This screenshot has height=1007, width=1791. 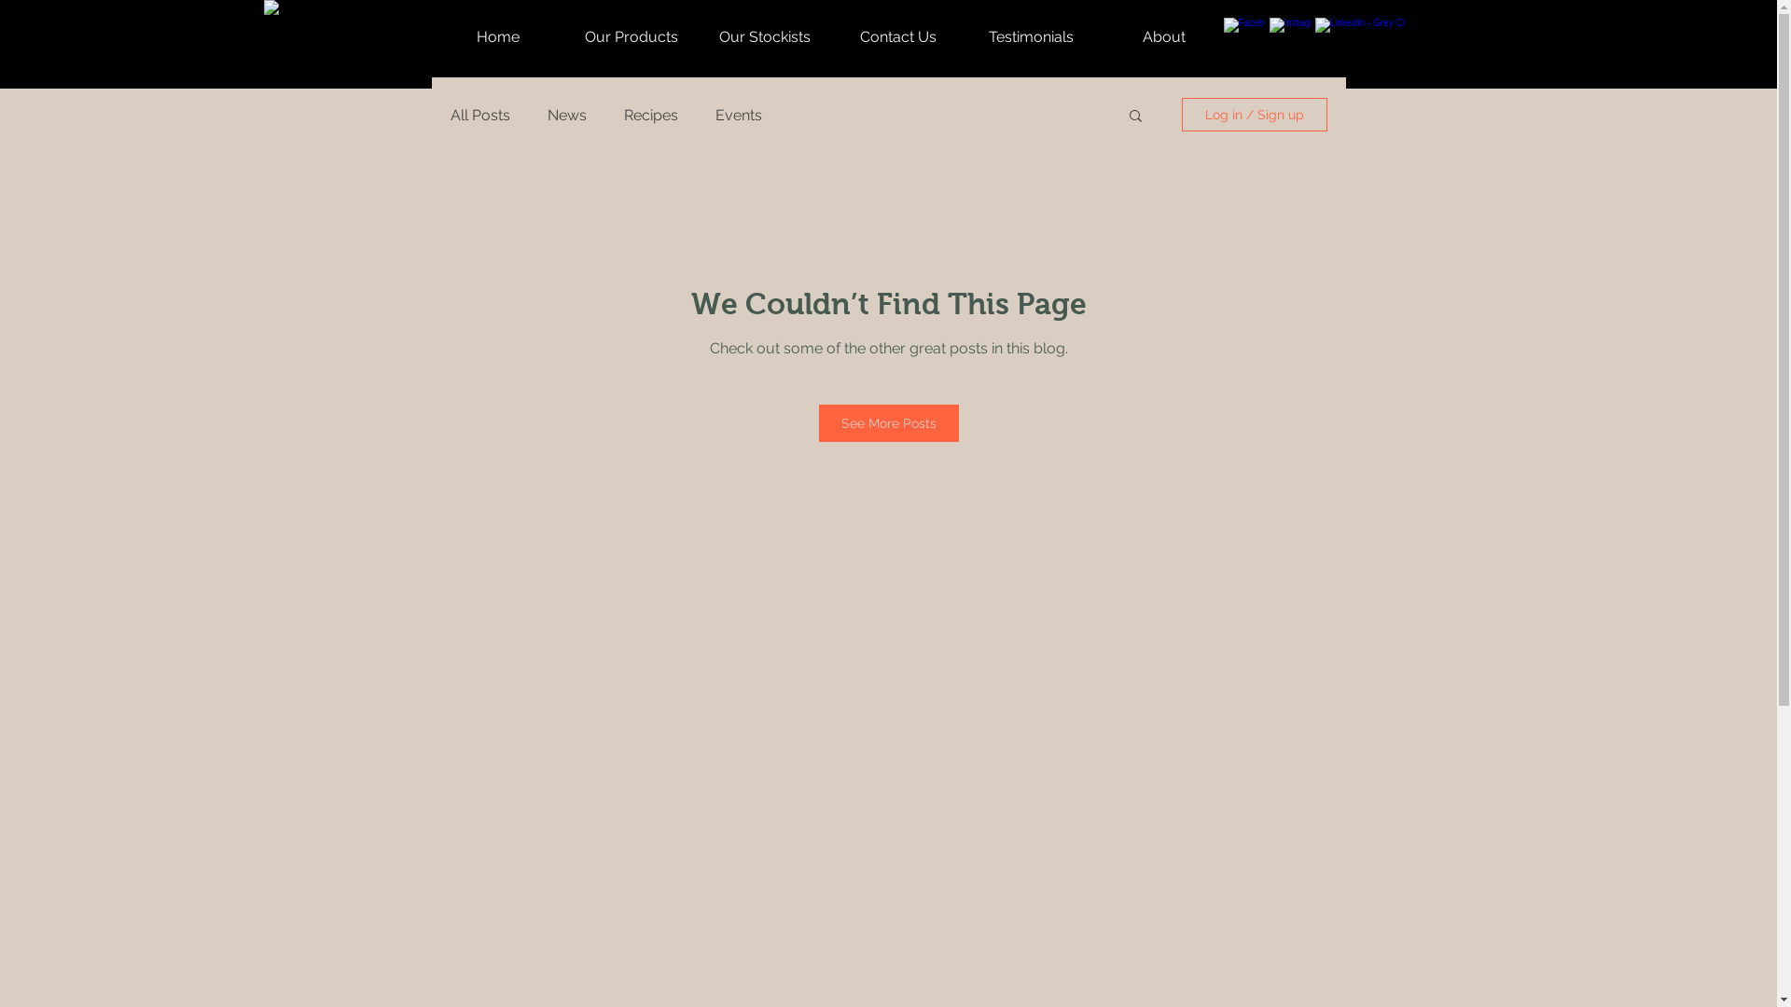 I want to click on 'See More Posts', so click(x=819, y=423).